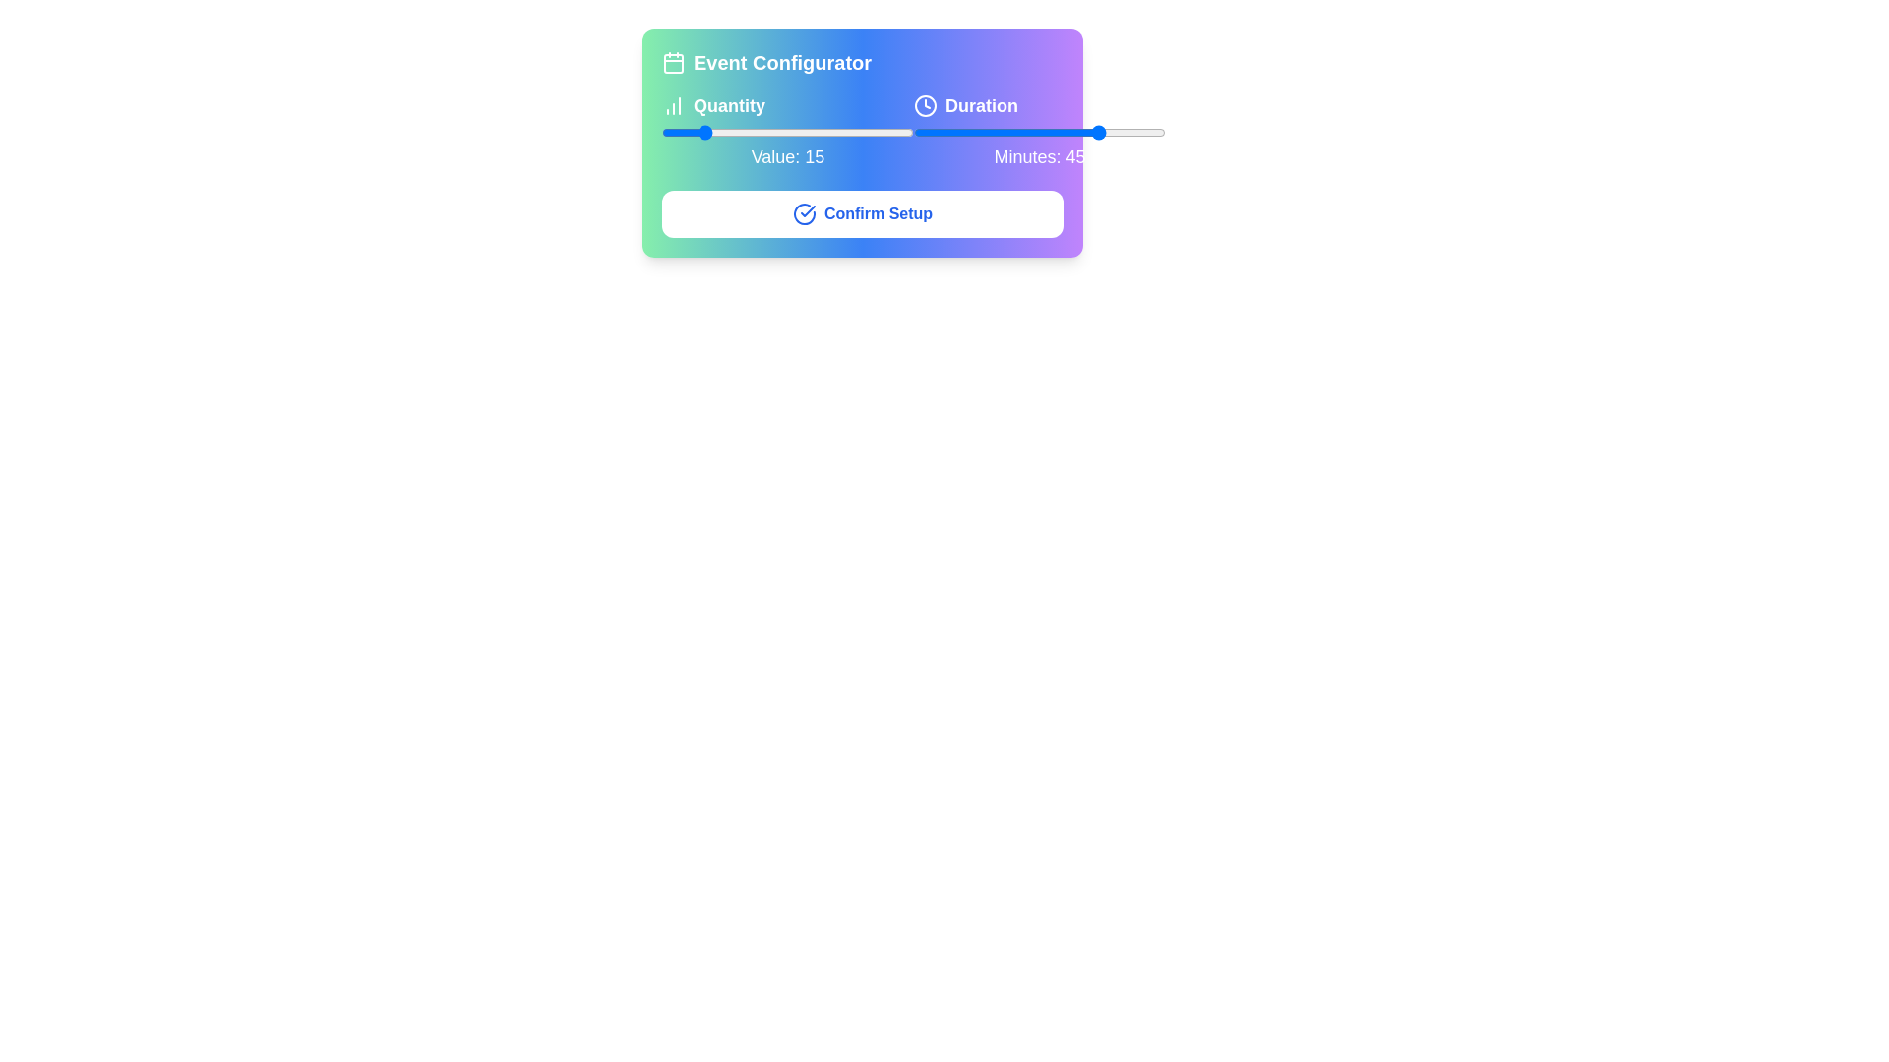  What do you see at coordinates (664, 133) in the screenshot?
I see `the quantity slider` at bounding box center [664, 133].